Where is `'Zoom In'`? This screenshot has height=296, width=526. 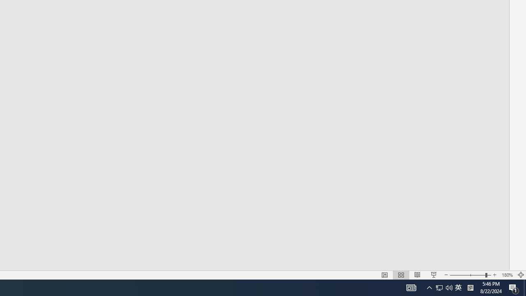 'Zoom In' is located at coordinates (494, 275).